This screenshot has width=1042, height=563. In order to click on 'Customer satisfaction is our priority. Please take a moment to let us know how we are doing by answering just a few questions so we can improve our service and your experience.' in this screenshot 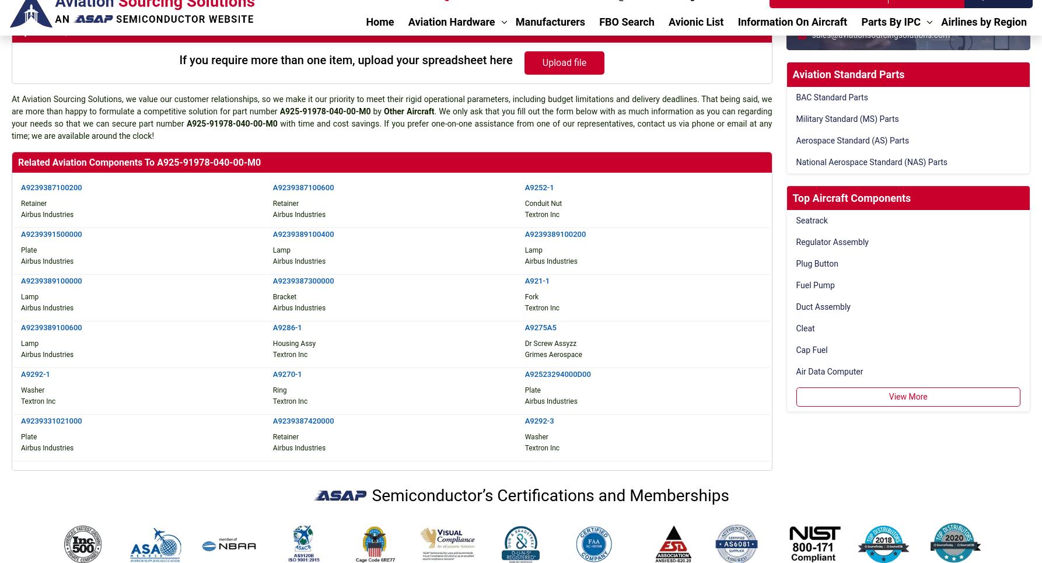, I will do `click(887, 351)`.